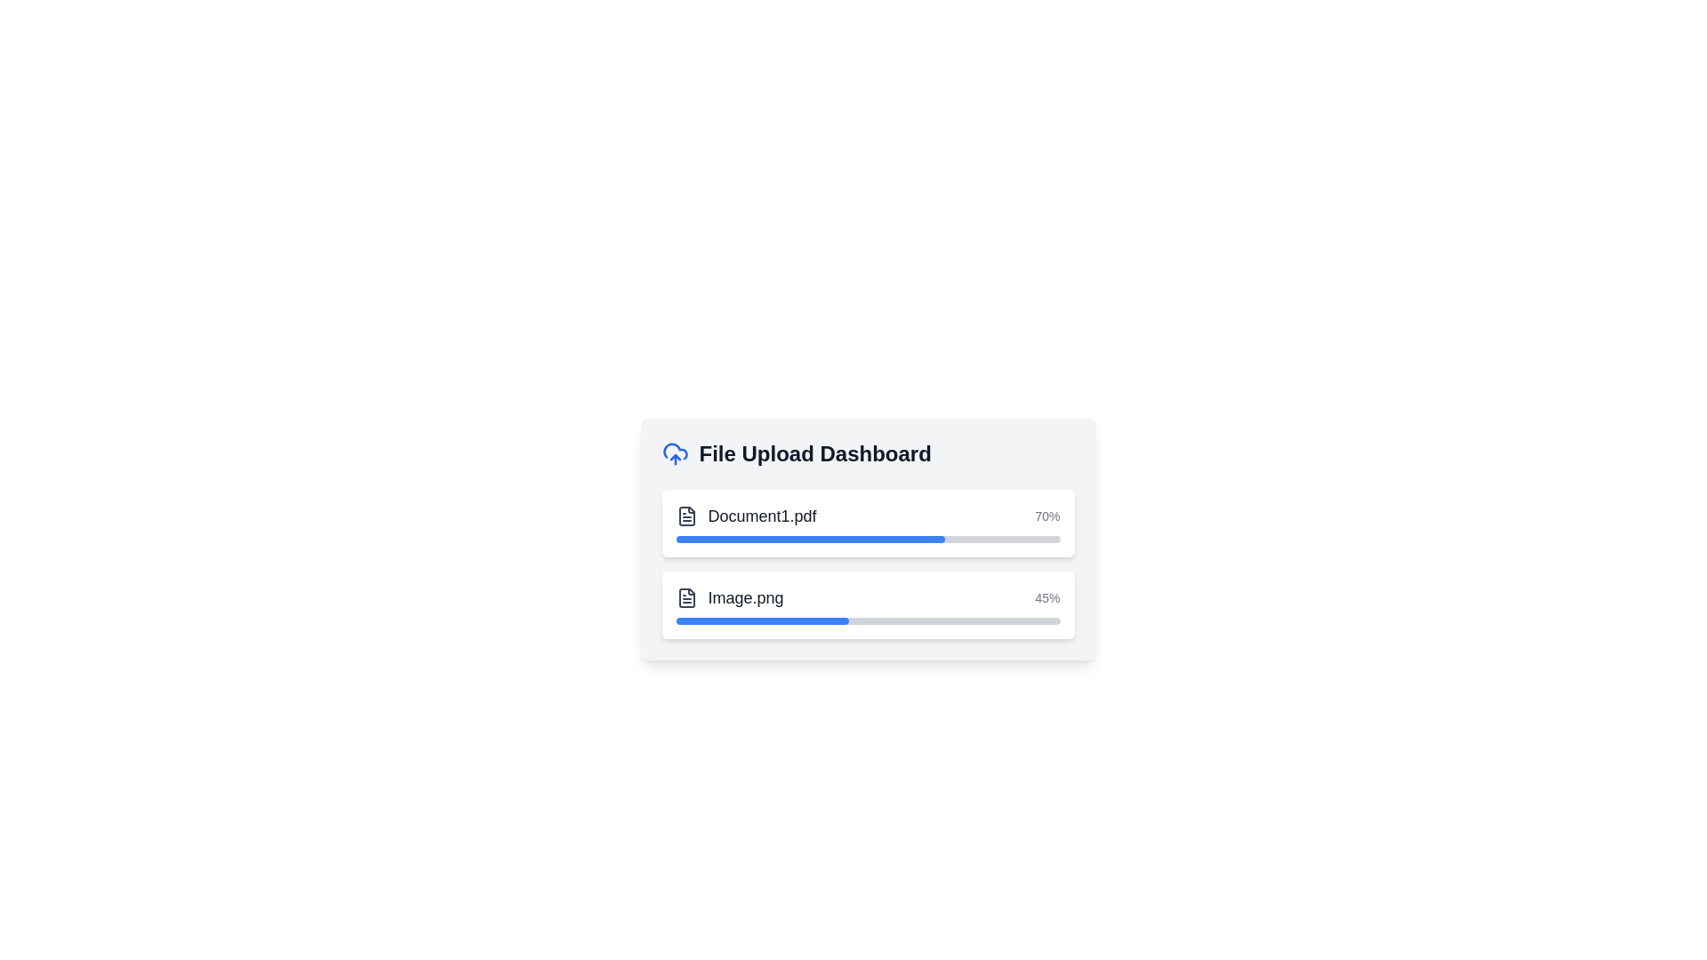 The height and width of the screenshot is (960, 1707). I want to click on the header element that serves as the title for the dashboard interface, which contains an icon and text, positioned at the top section of the card-like interface, so click(868, 452).